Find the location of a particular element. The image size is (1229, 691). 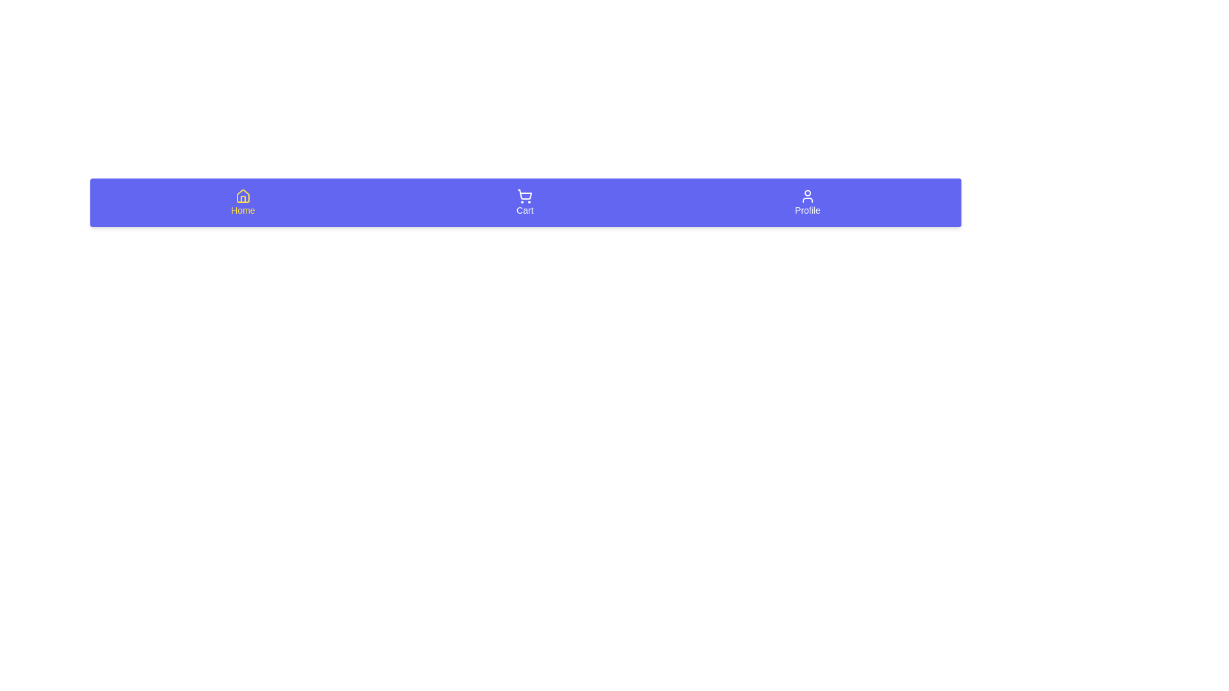

the Cart tab in the bottom navigation bar is located at coordinates (525, 202).